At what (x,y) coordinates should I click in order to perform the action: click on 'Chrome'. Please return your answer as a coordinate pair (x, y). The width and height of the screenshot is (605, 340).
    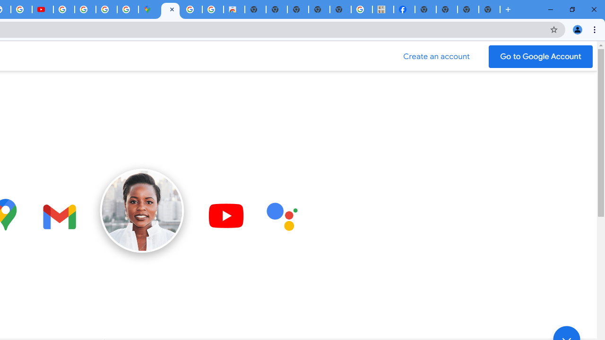
    Looking at the image, I should click on (595, 29).